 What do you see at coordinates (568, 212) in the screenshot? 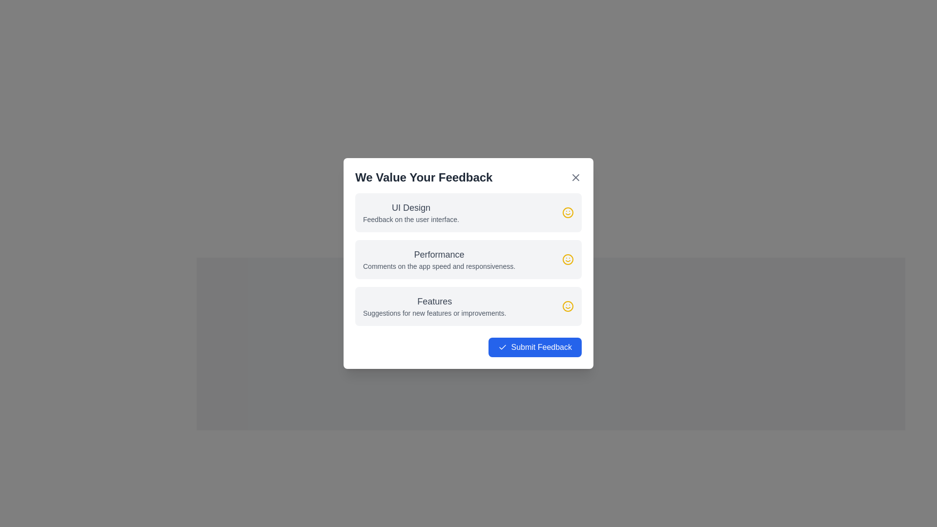
I see `the positive sentiment icon located next to the 'UI Design' section in the feedback form` at bounding box center [568, 212].